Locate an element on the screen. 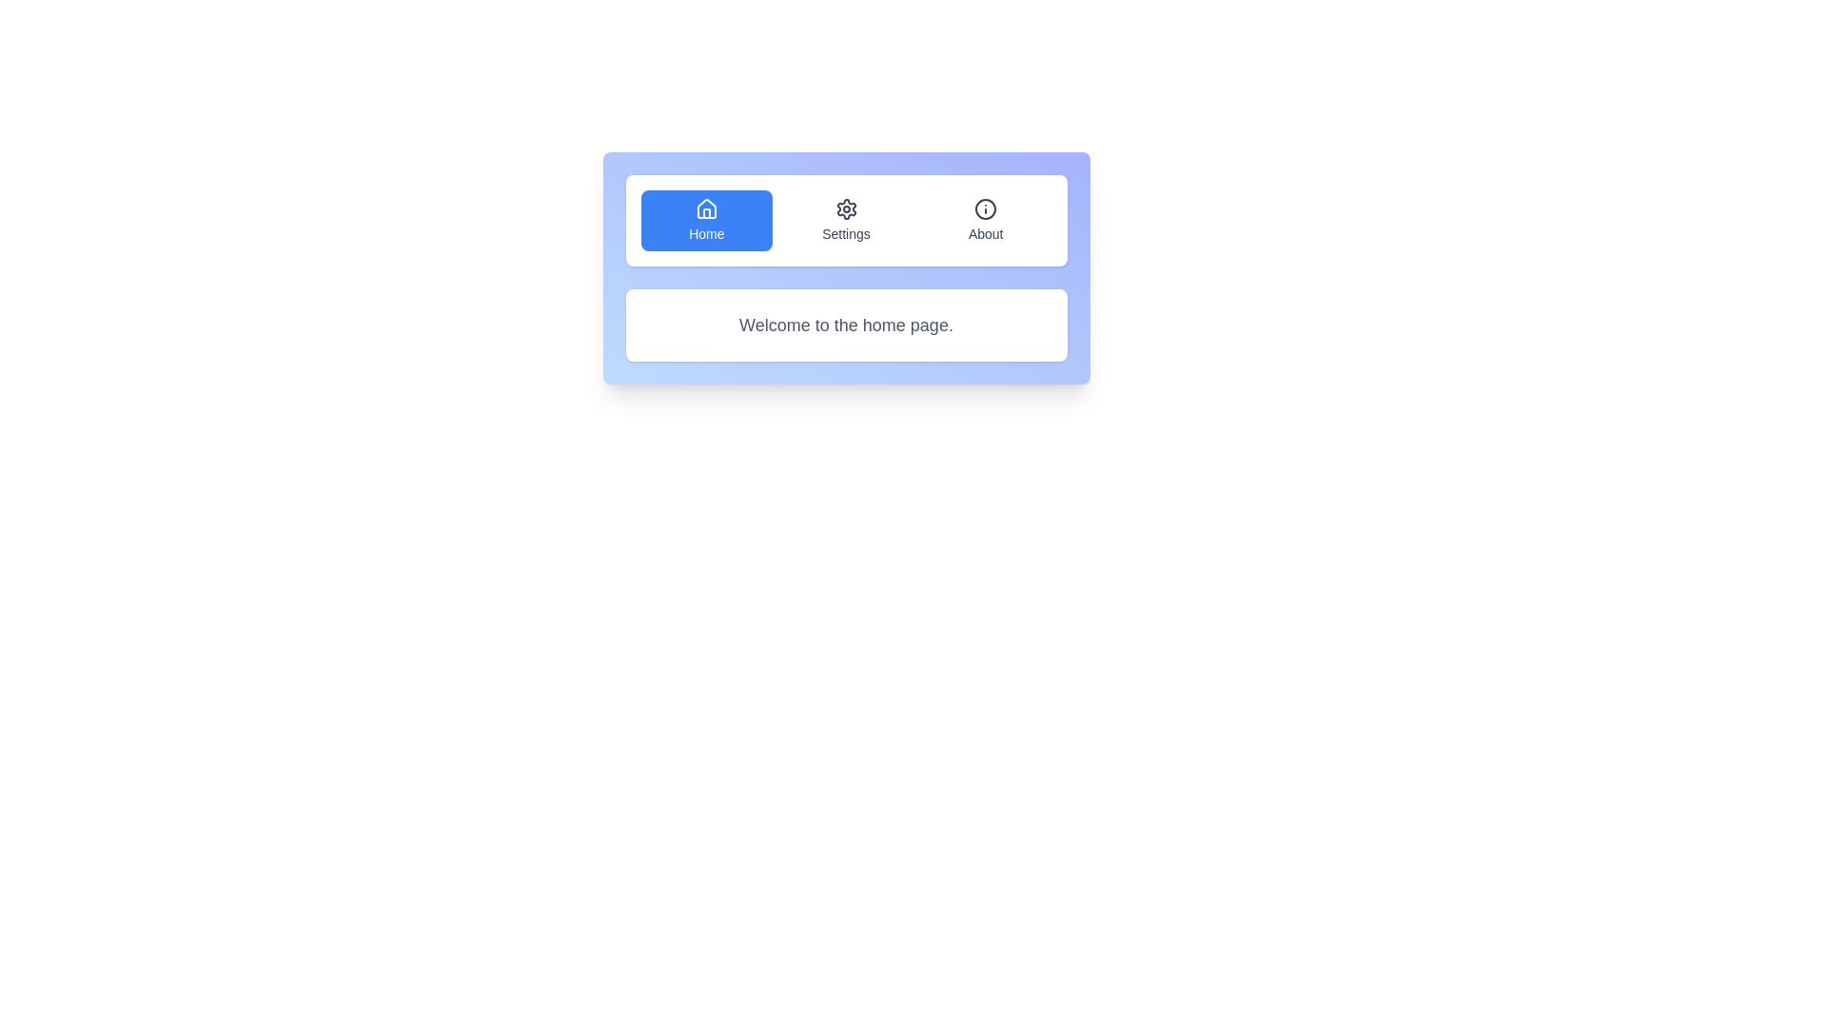 The height and width of the screenshot is (1028, 1827). the text 'Welcome to the home page.' in the content area is located at coordinates (845, 325).